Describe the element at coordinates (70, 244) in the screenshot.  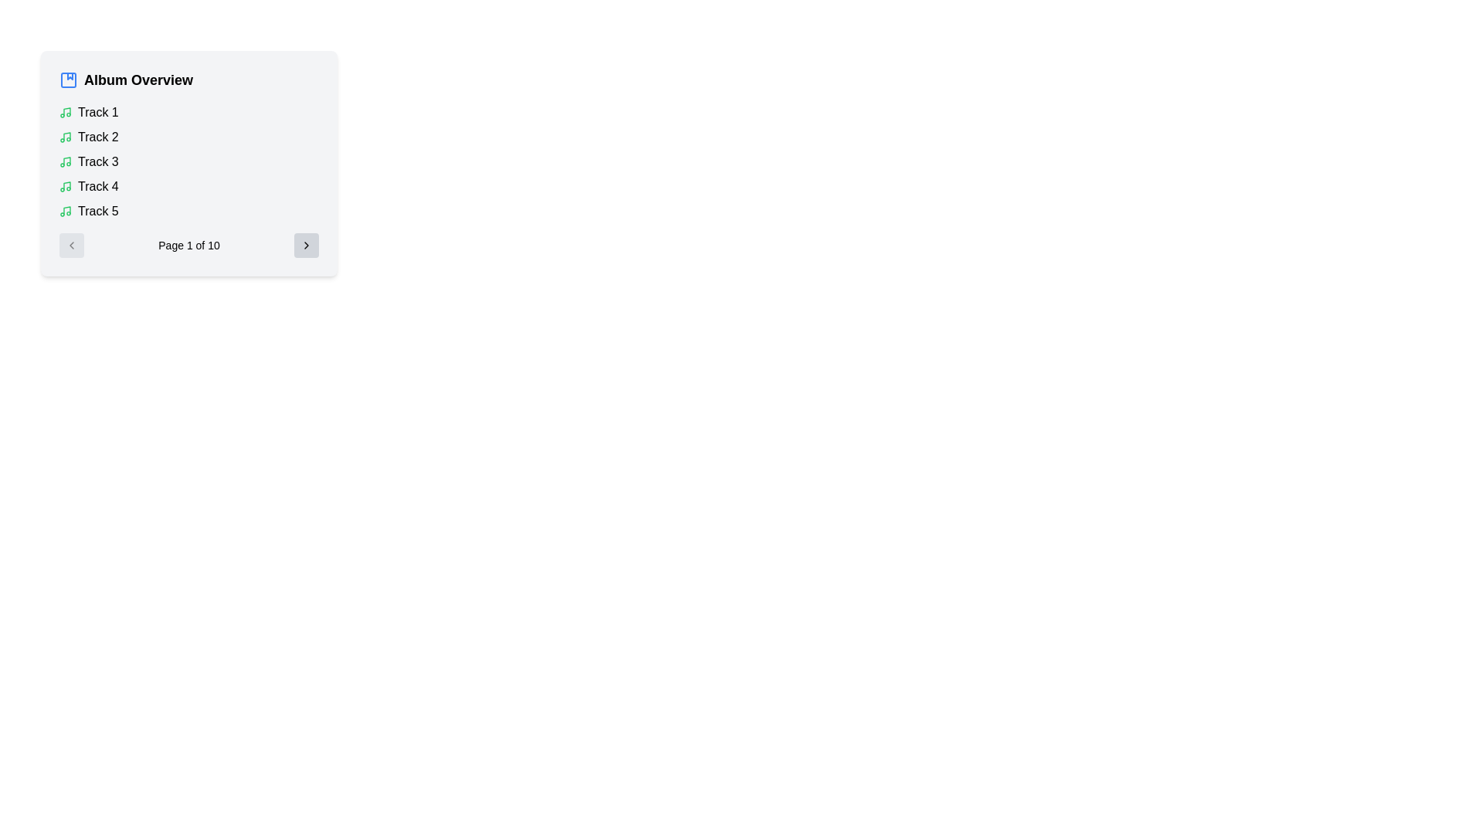
I see `the small left-facing chevron icon contained within the gray rectangular button at the bottom left of the album overview card` at that location.